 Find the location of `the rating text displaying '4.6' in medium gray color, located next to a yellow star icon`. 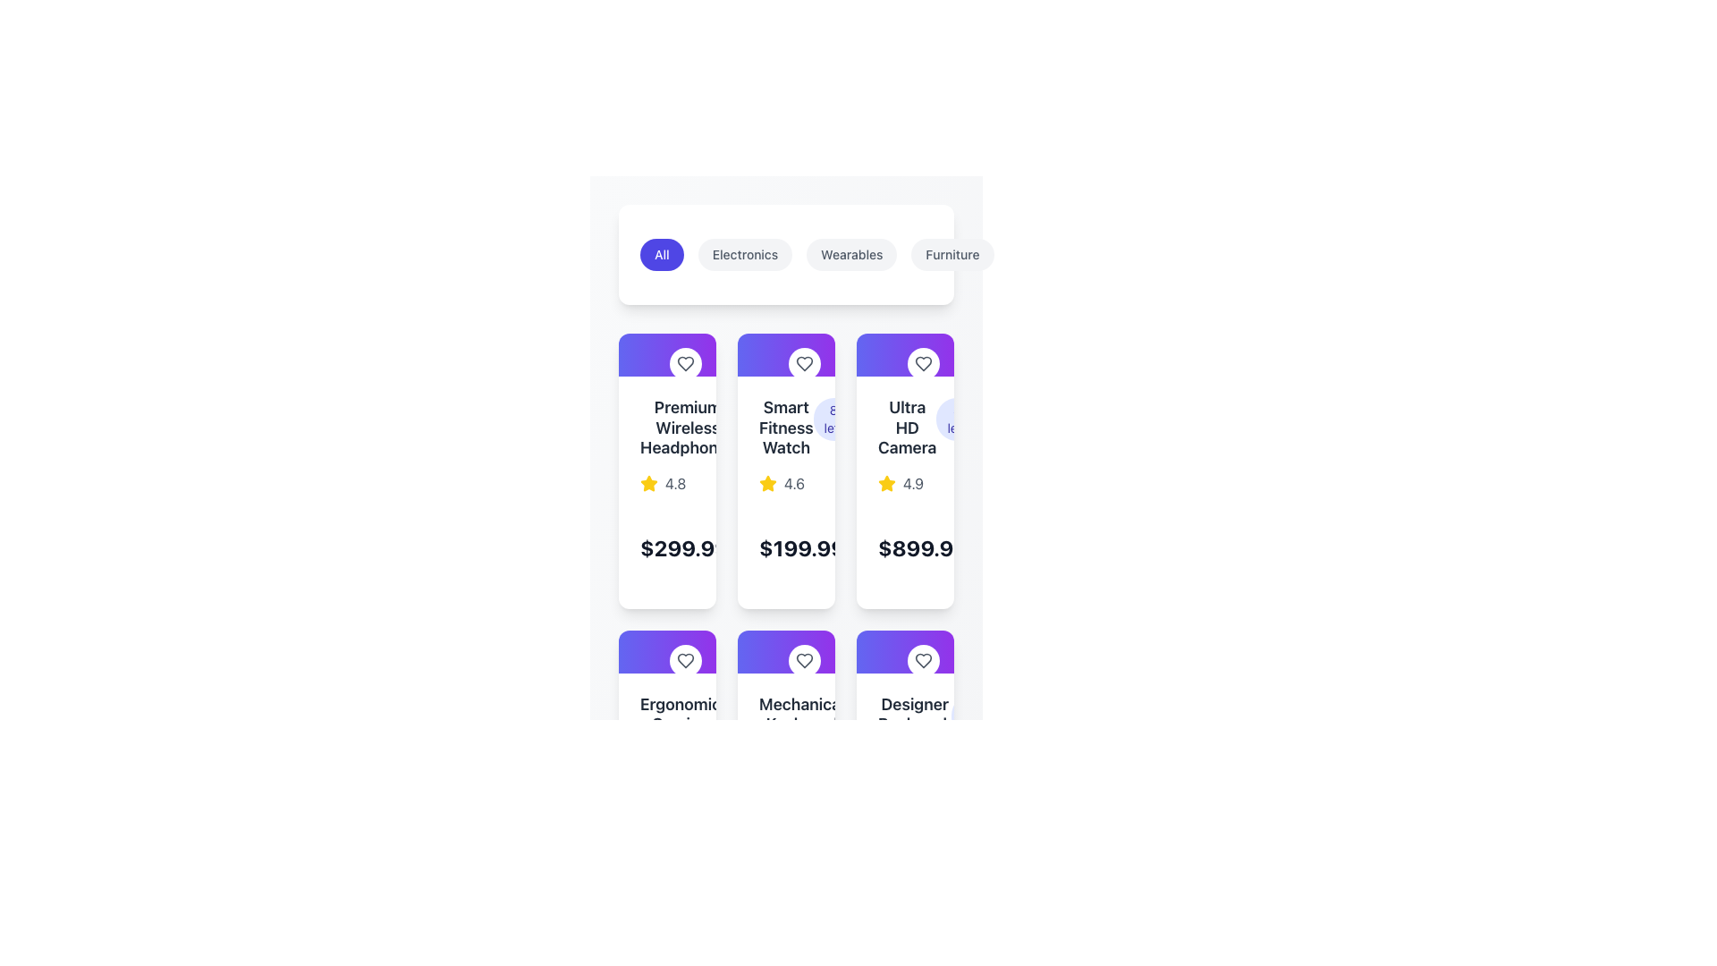

the rating text displaying '4.6' in medium gray color, located next to a yellow star icon is located at coordinates (793, 483).